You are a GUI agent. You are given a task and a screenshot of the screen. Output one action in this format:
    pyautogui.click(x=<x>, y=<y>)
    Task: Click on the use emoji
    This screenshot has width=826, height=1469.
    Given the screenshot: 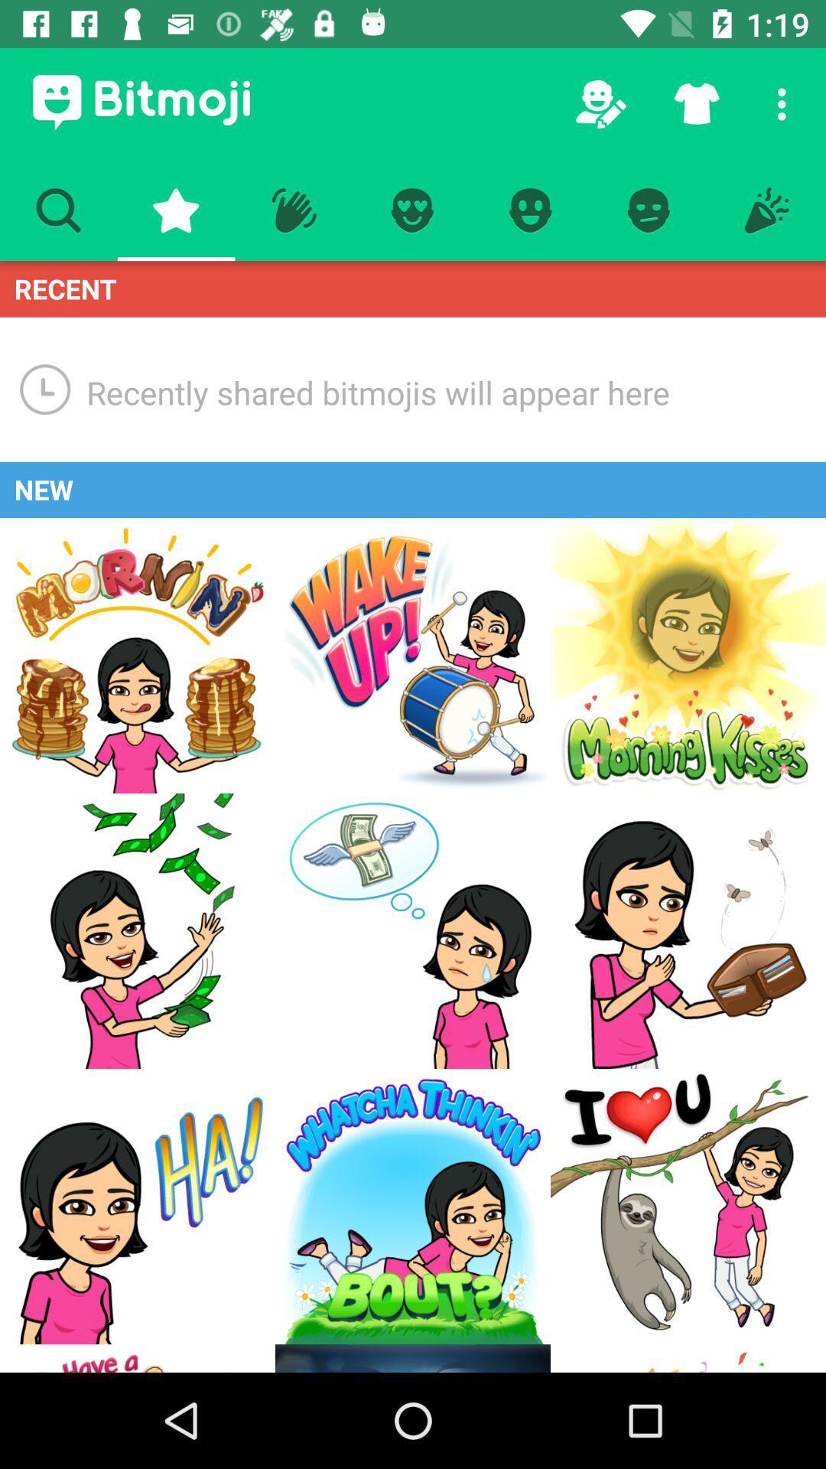 What is the action you would take?
    pyautogui.click(x=413, y=1206)
    